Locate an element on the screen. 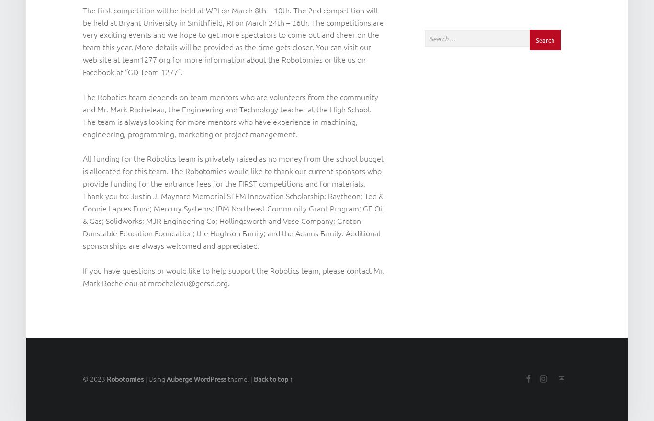 The image size is (654, 421). 'Back to top ↑' is located at coordinates (272, 379).